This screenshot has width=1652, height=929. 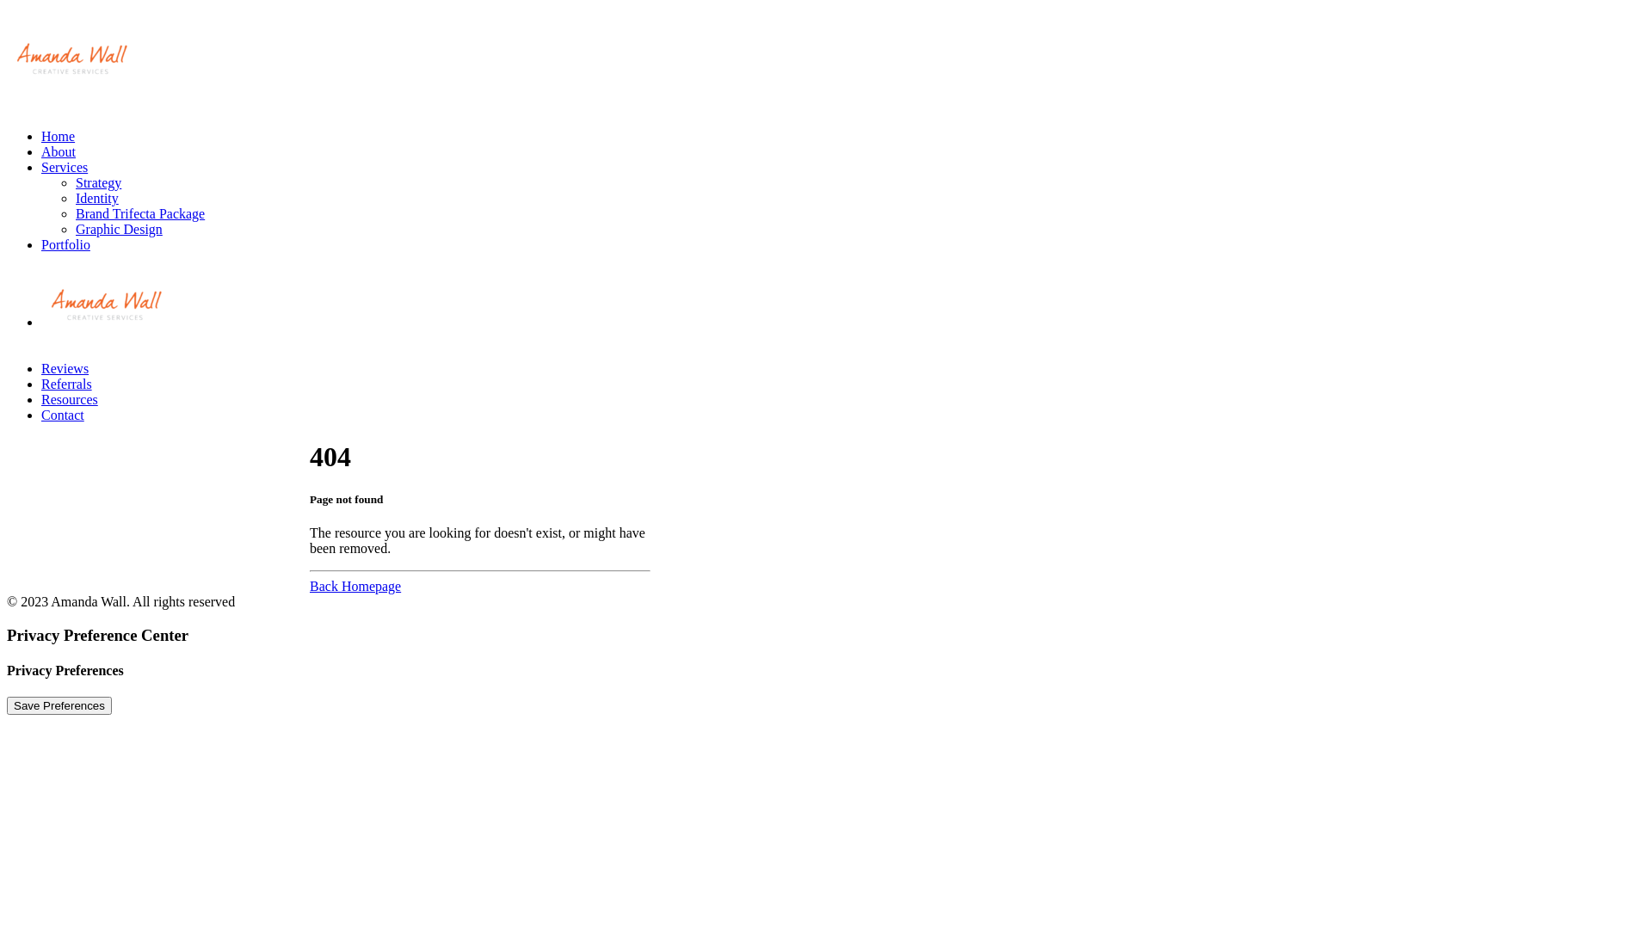 I want to click on 'Home', so click(x=58, y=135).